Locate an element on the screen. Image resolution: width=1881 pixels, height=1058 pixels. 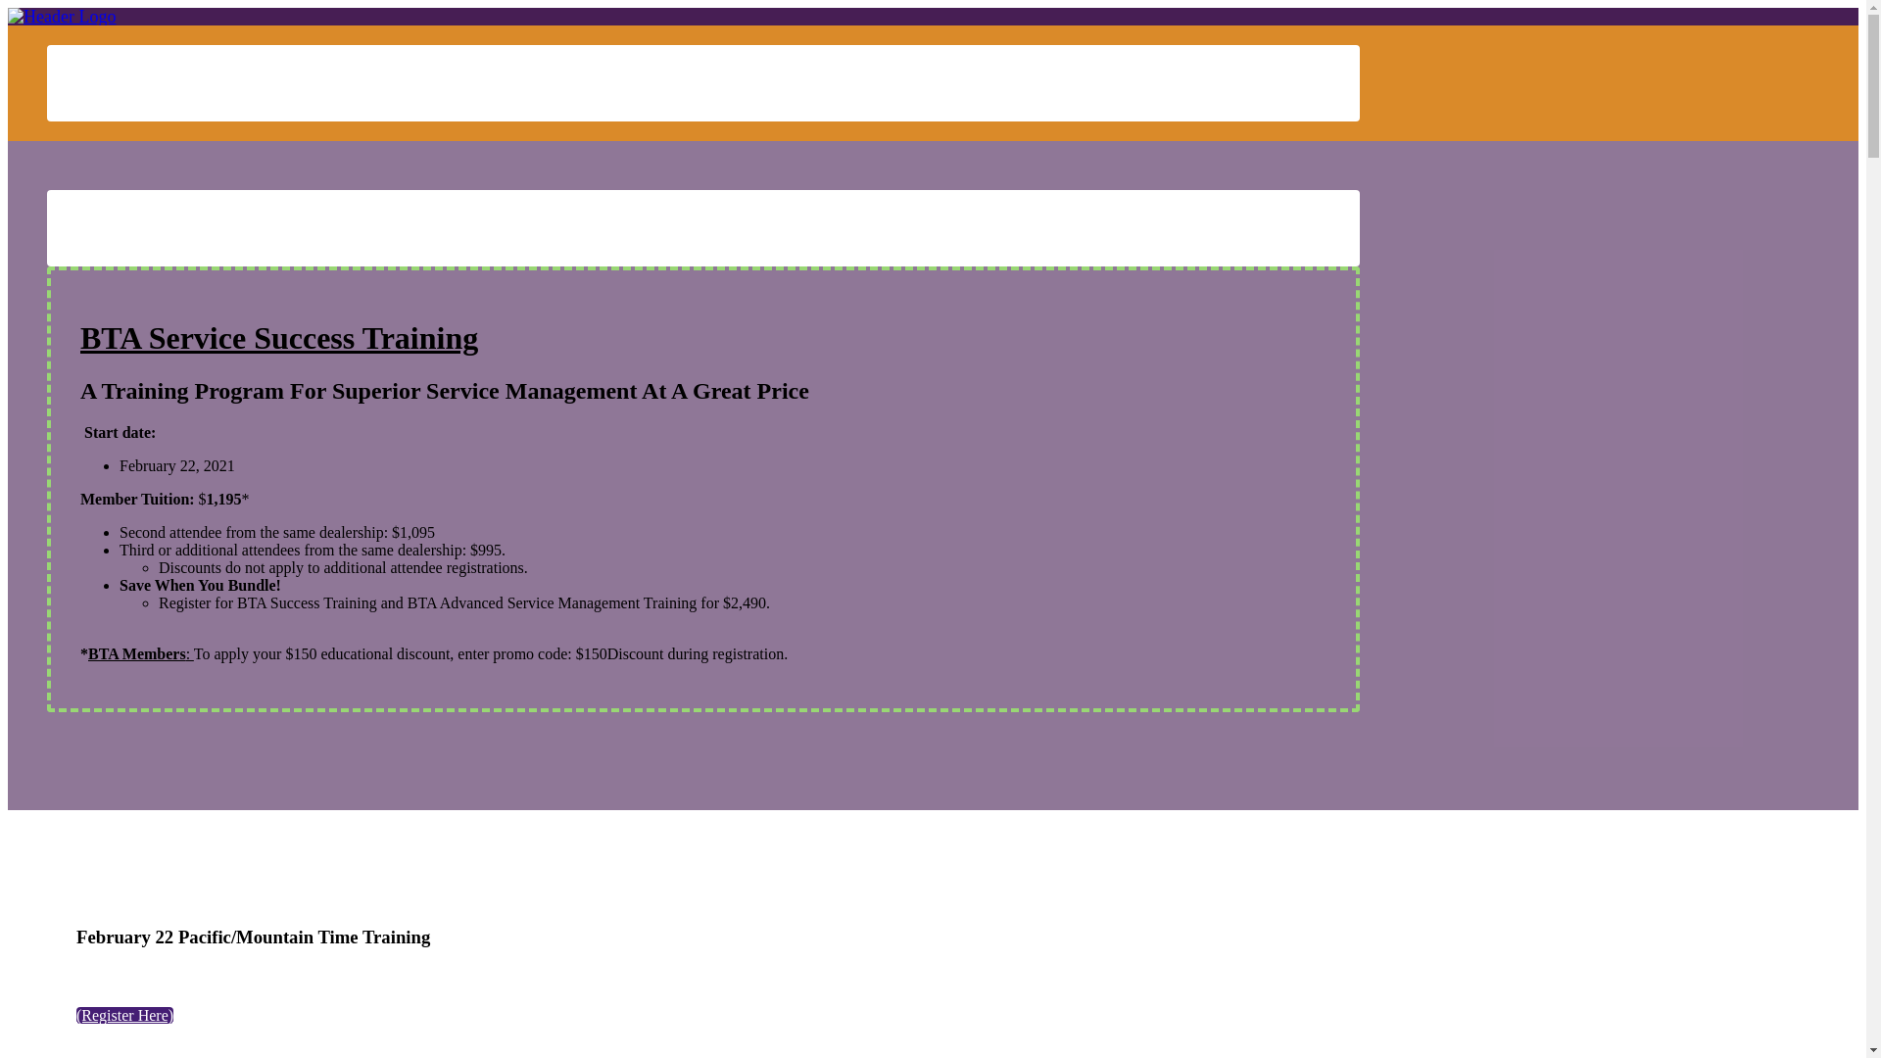
'(Register Here)' is located at coordinates (123, 1014).